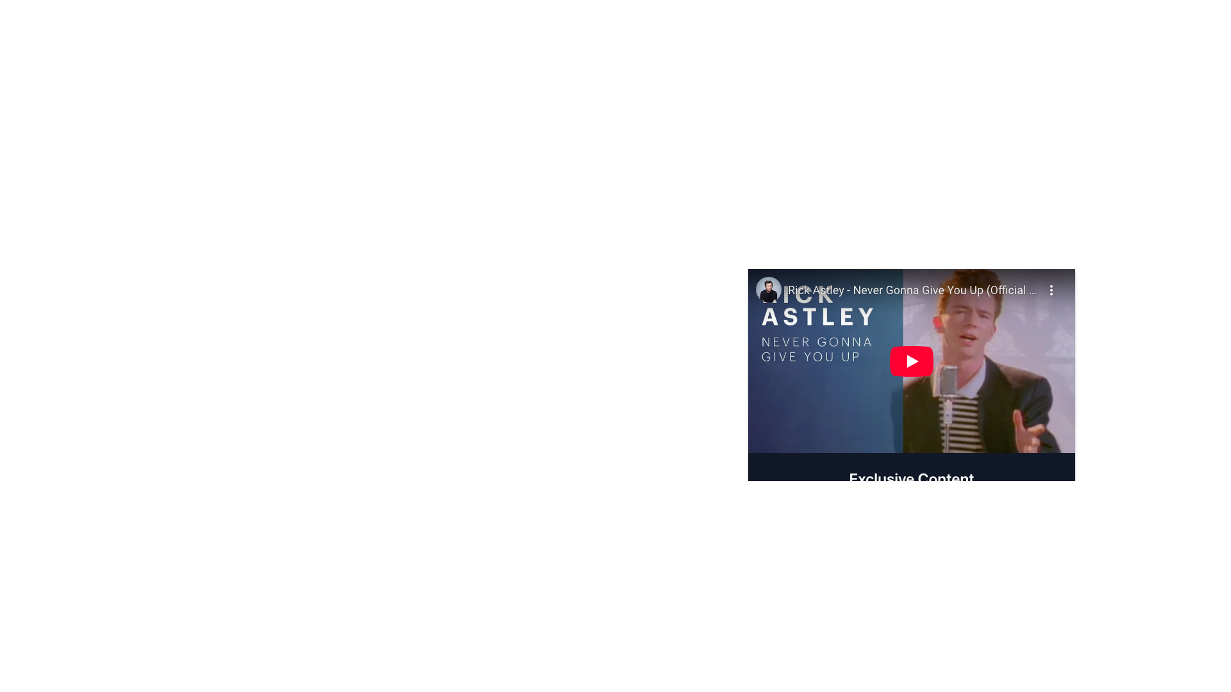 The image size is (1231, 692). Describe the element at coordinates (910, 361) in the screenshot. I see `the play button of the YouTube video player component` at that location.